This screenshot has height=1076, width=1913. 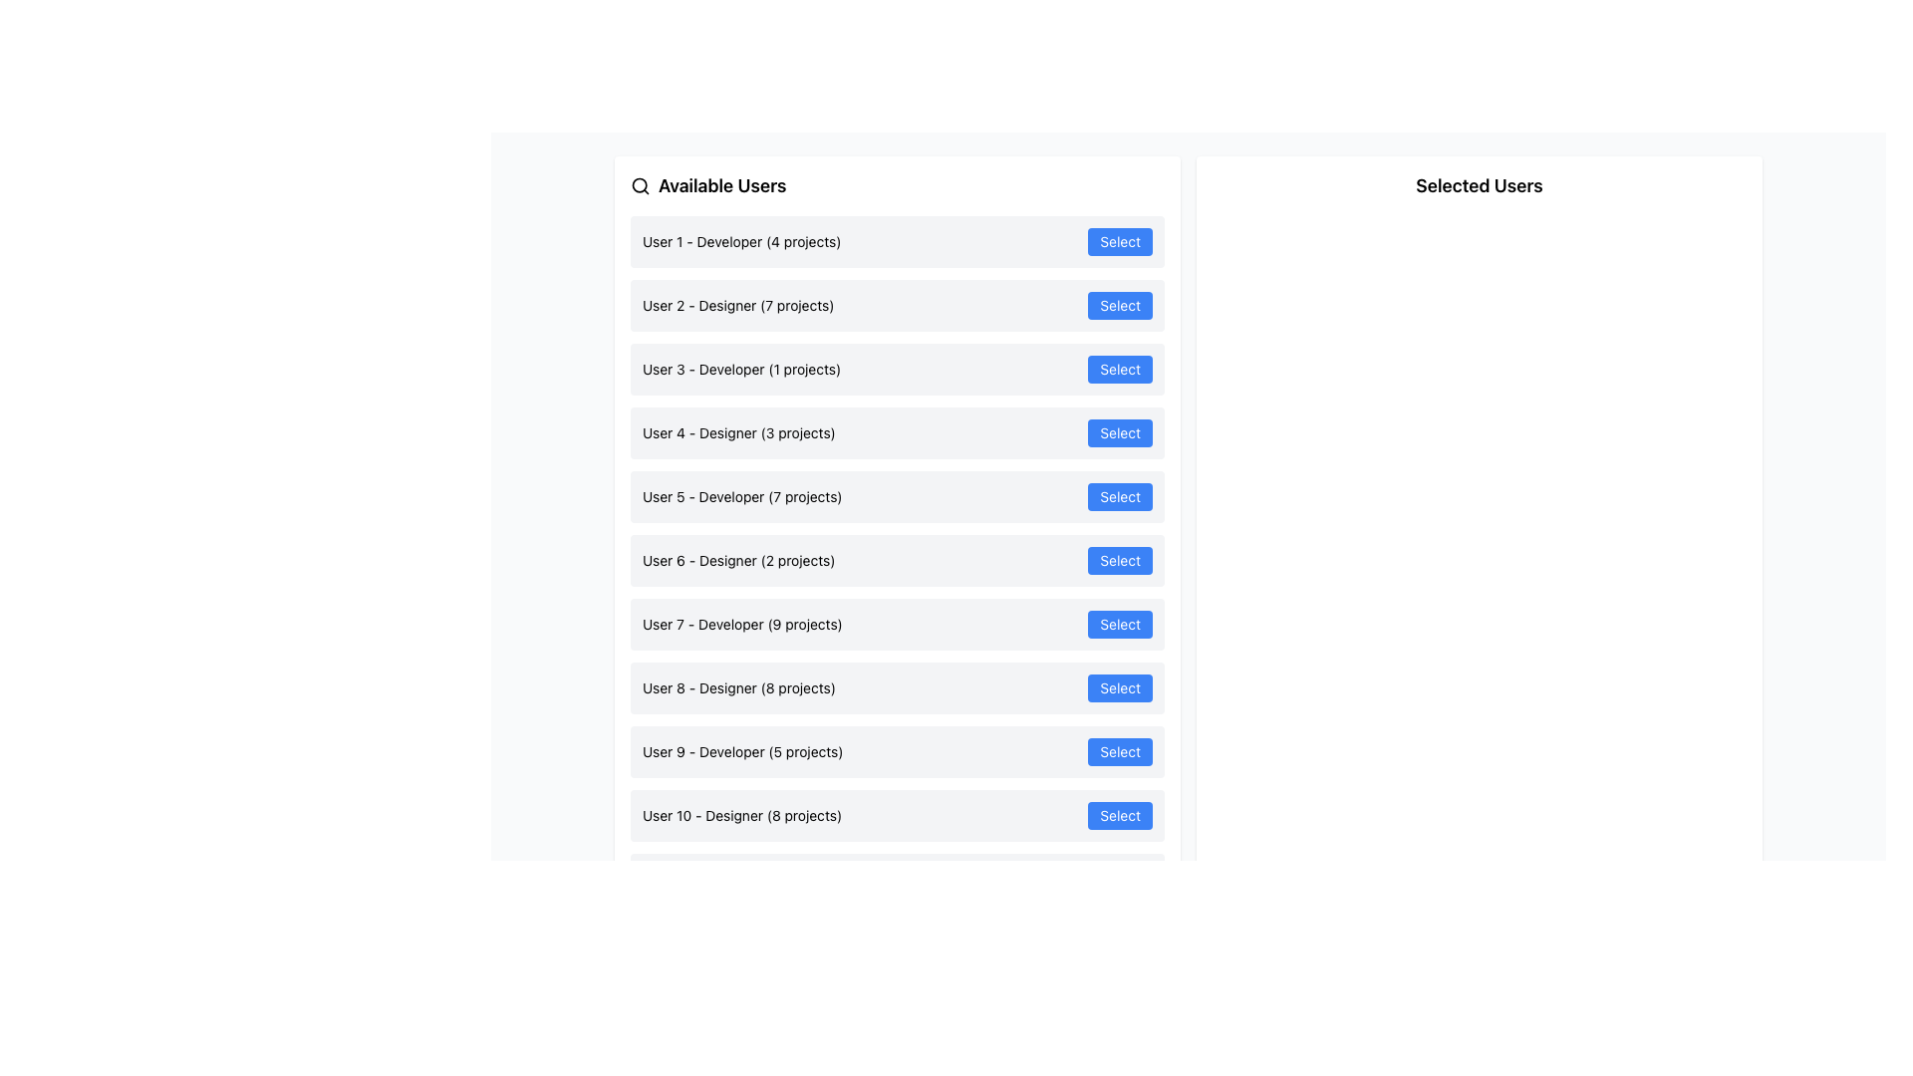 What do you see at coordinates (741, 815) in the screenshot?
I see `the descriptive label for 'User 10' in the 'Available Users' section, which includes their role as Designer and mentions 8 projects` at bounding box center [741, 815].